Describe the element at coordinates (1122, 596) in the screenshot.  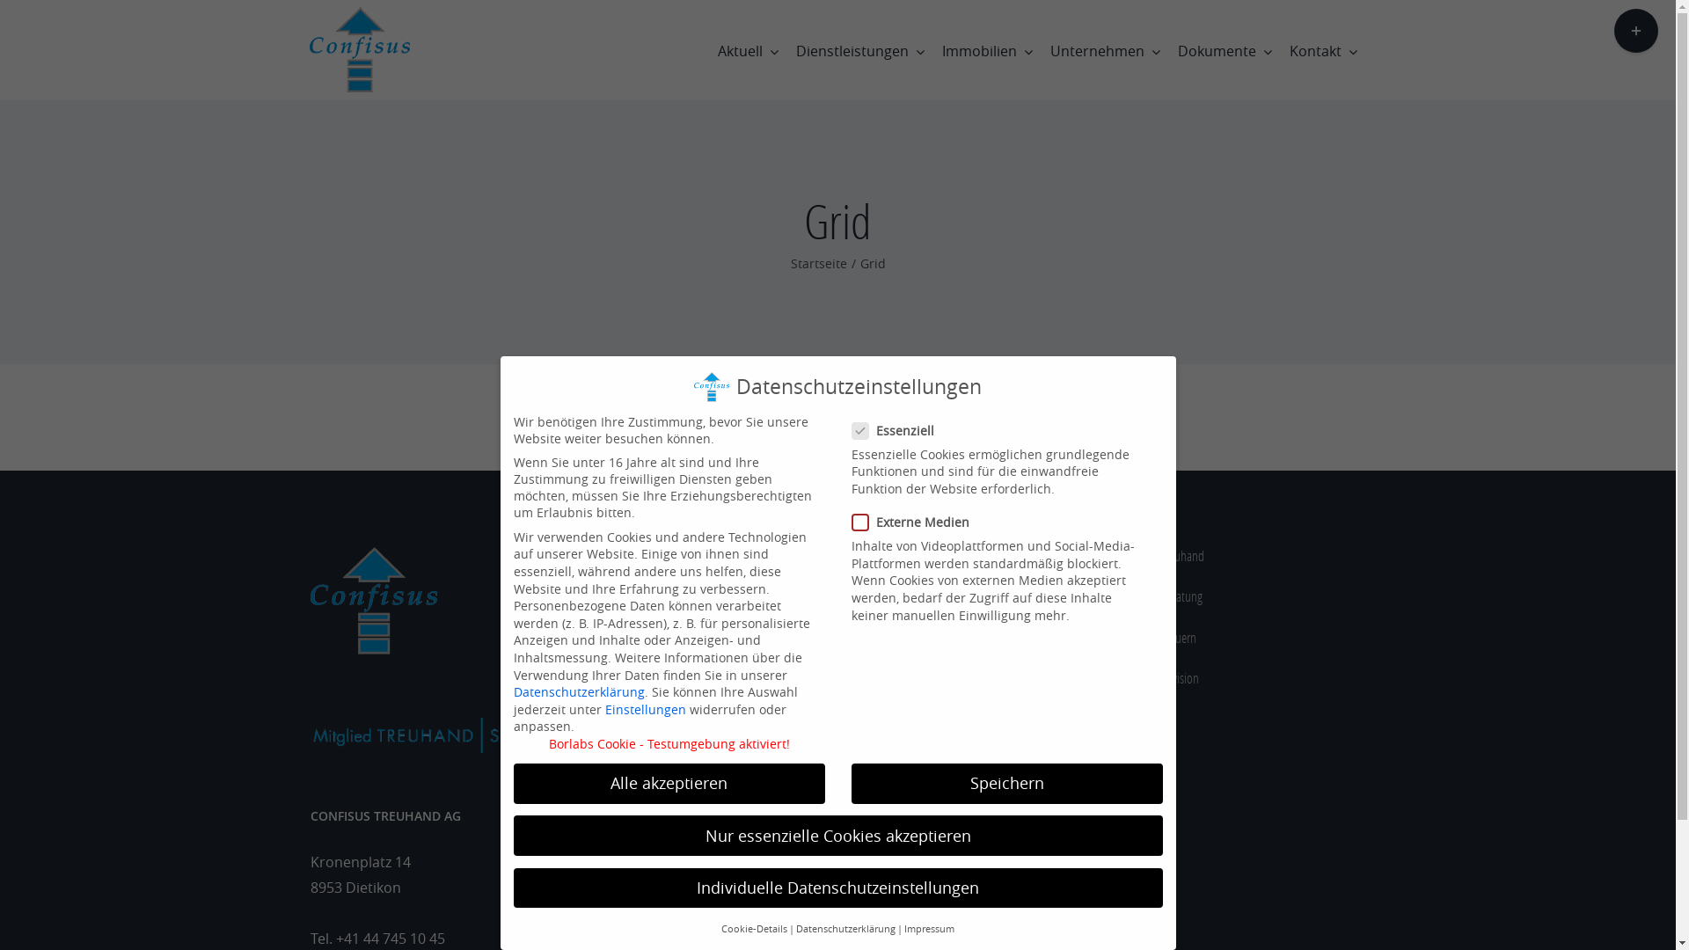
I see `'Beratung'` at that location.